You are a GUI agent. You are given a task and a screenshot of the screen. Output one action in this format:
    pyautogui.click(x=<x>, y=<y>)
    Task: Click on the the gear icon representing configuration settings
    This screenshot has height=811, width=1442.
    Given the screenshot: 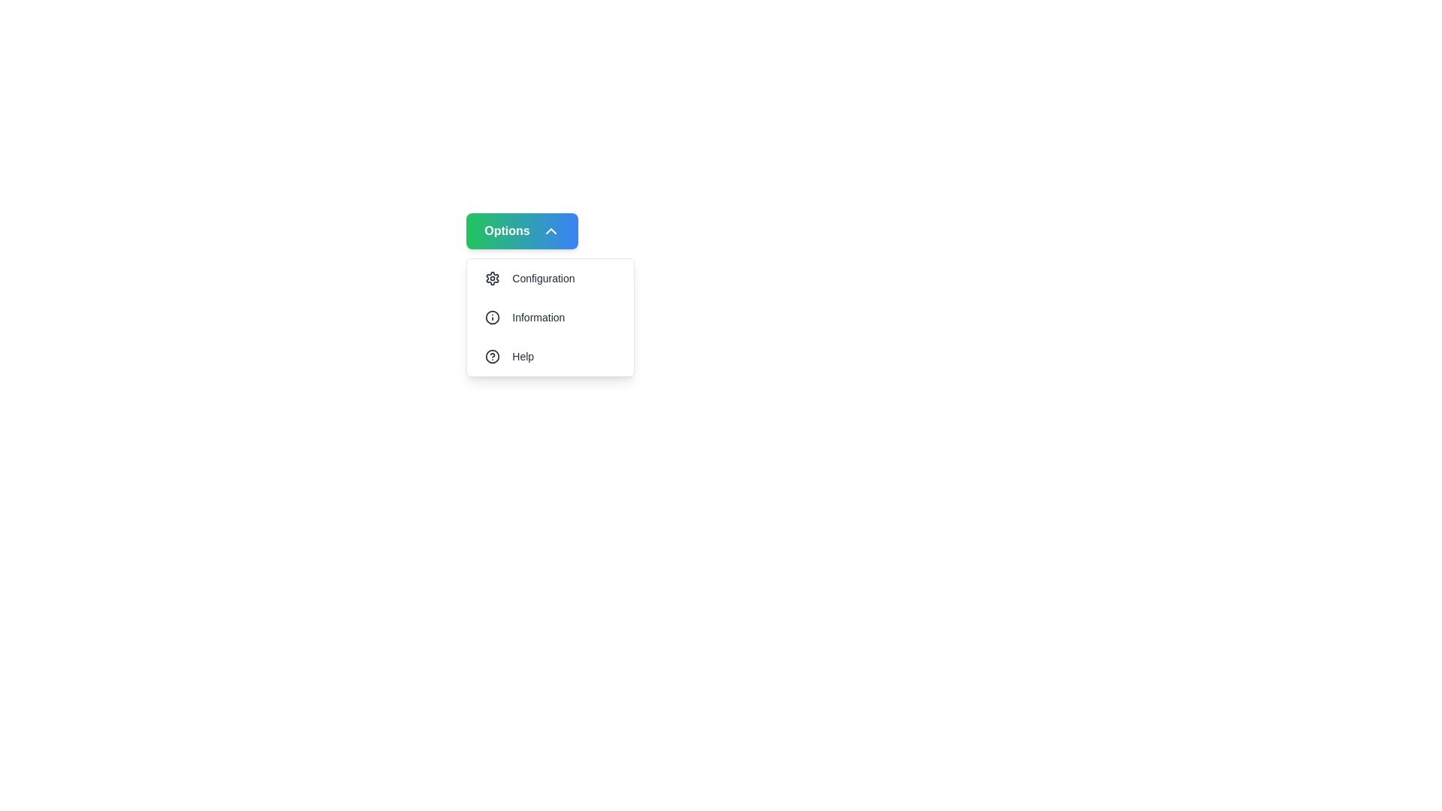 What is the action you would take?
    pyautogui.click(x=493, y=278)
    